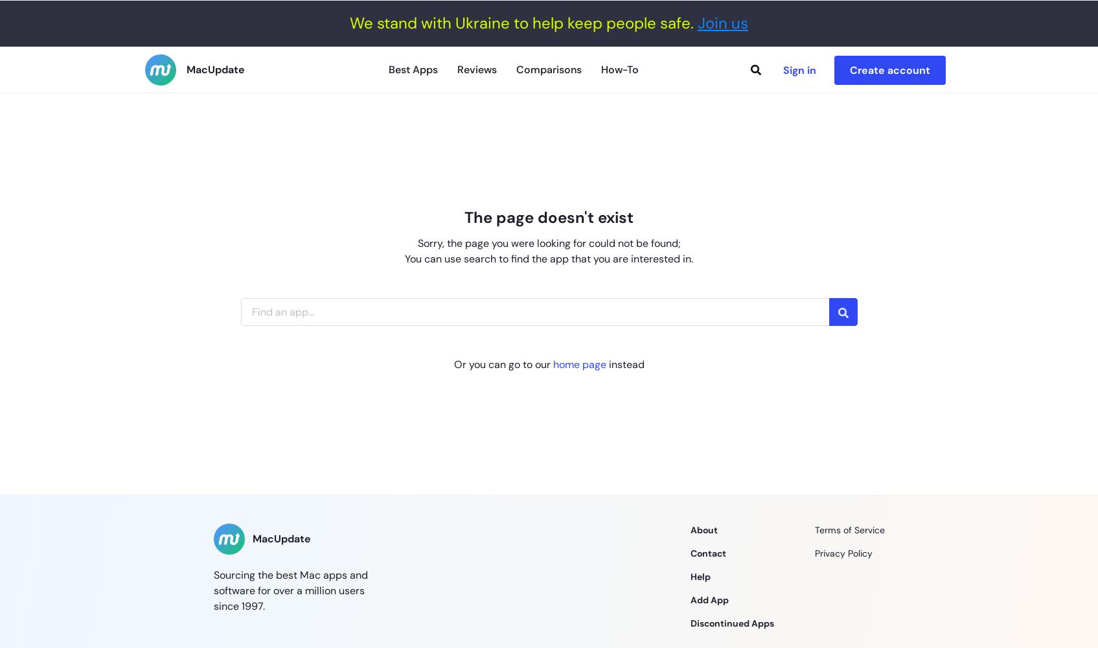 The image size is (1098, 648). What do you see at coordinates (731, 623) in the screenshot?
I see `'Discontinued Apps'` at bounding box center [731, 623].